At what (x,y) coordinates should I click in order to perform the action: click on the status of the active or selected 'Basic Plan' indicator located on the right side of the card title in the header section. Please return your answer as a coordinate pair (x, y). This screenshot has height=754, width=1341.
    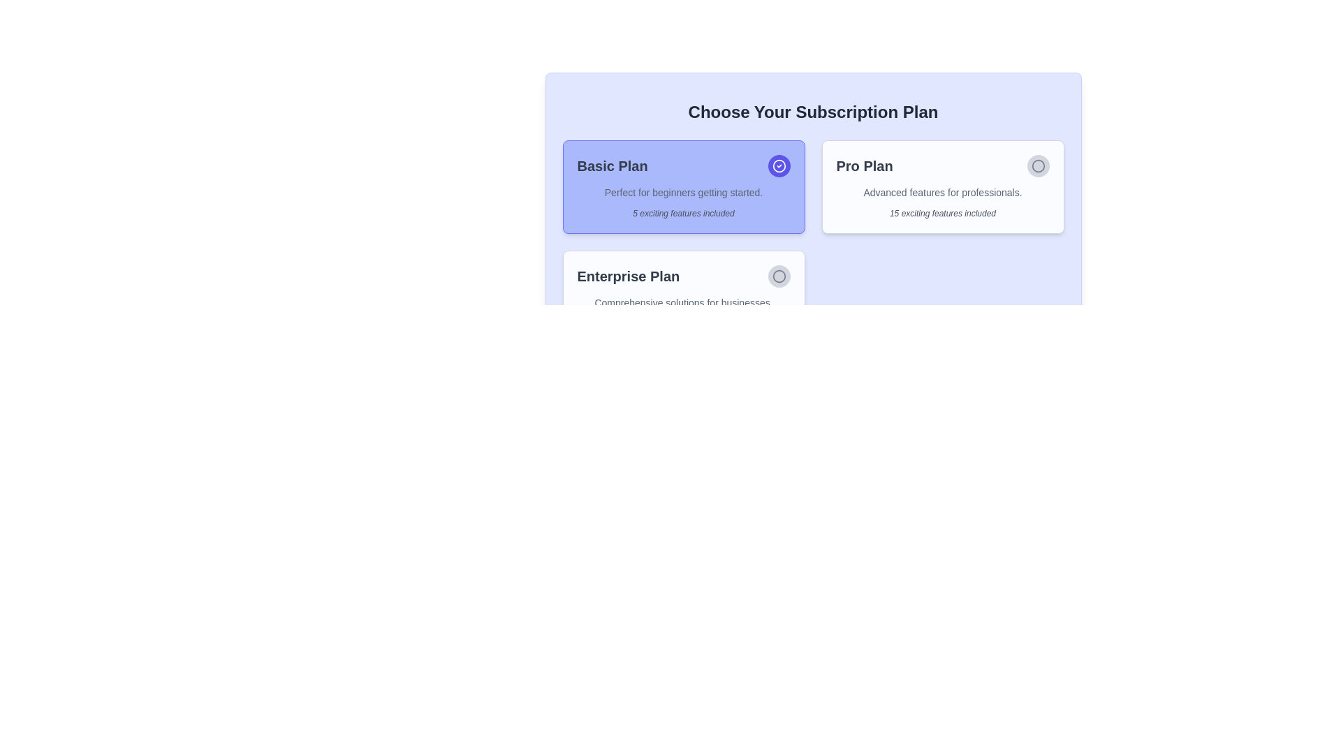
    Looking at the image, I should click on (778, 165).